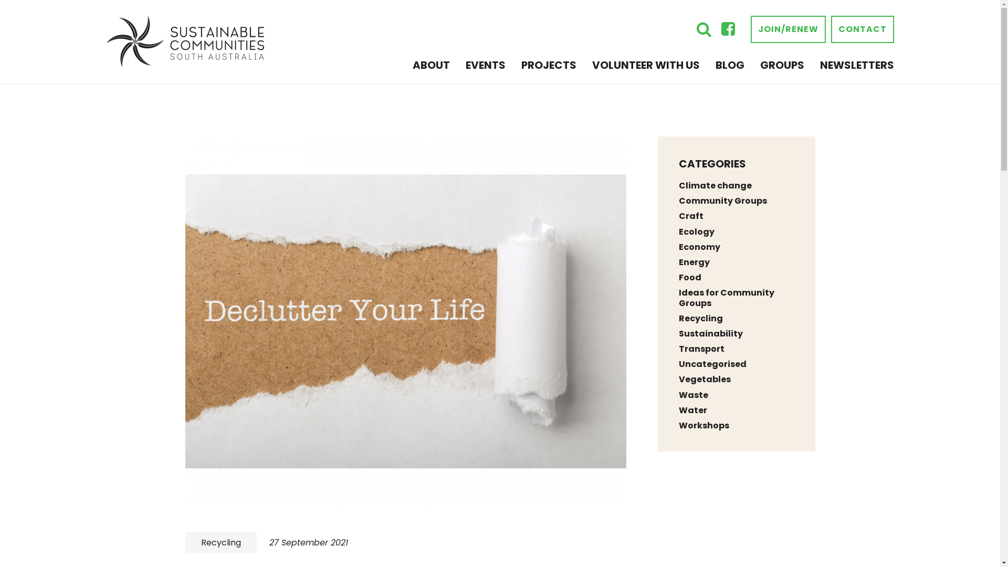  I want to click on 'Sustainability', so click(710, 333).